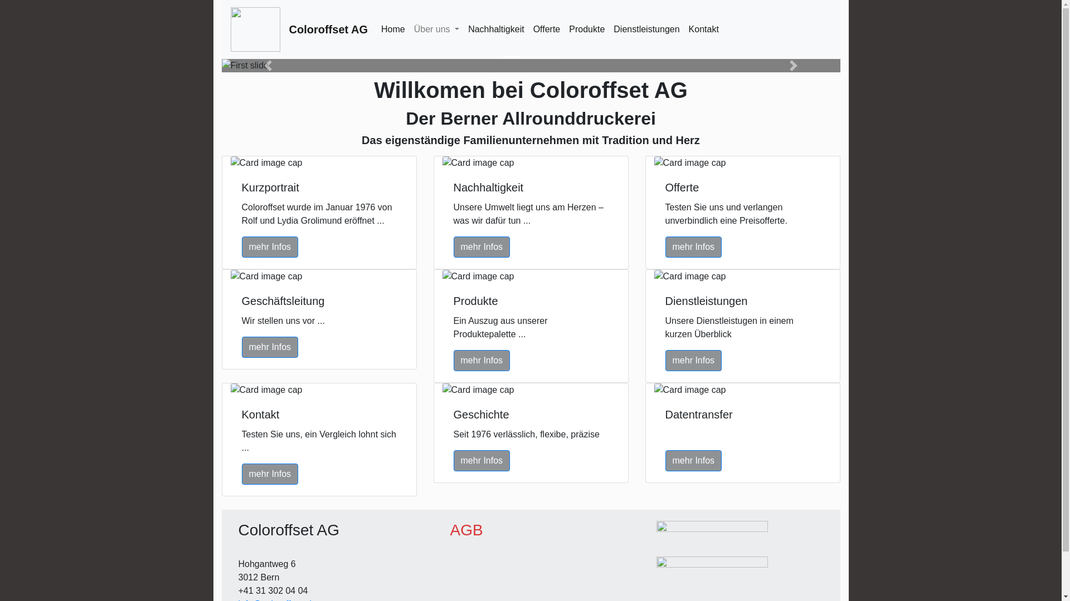 The height and width of the screenshot is (601, 1070). I want to click on 'AGB', so click(450, 529).